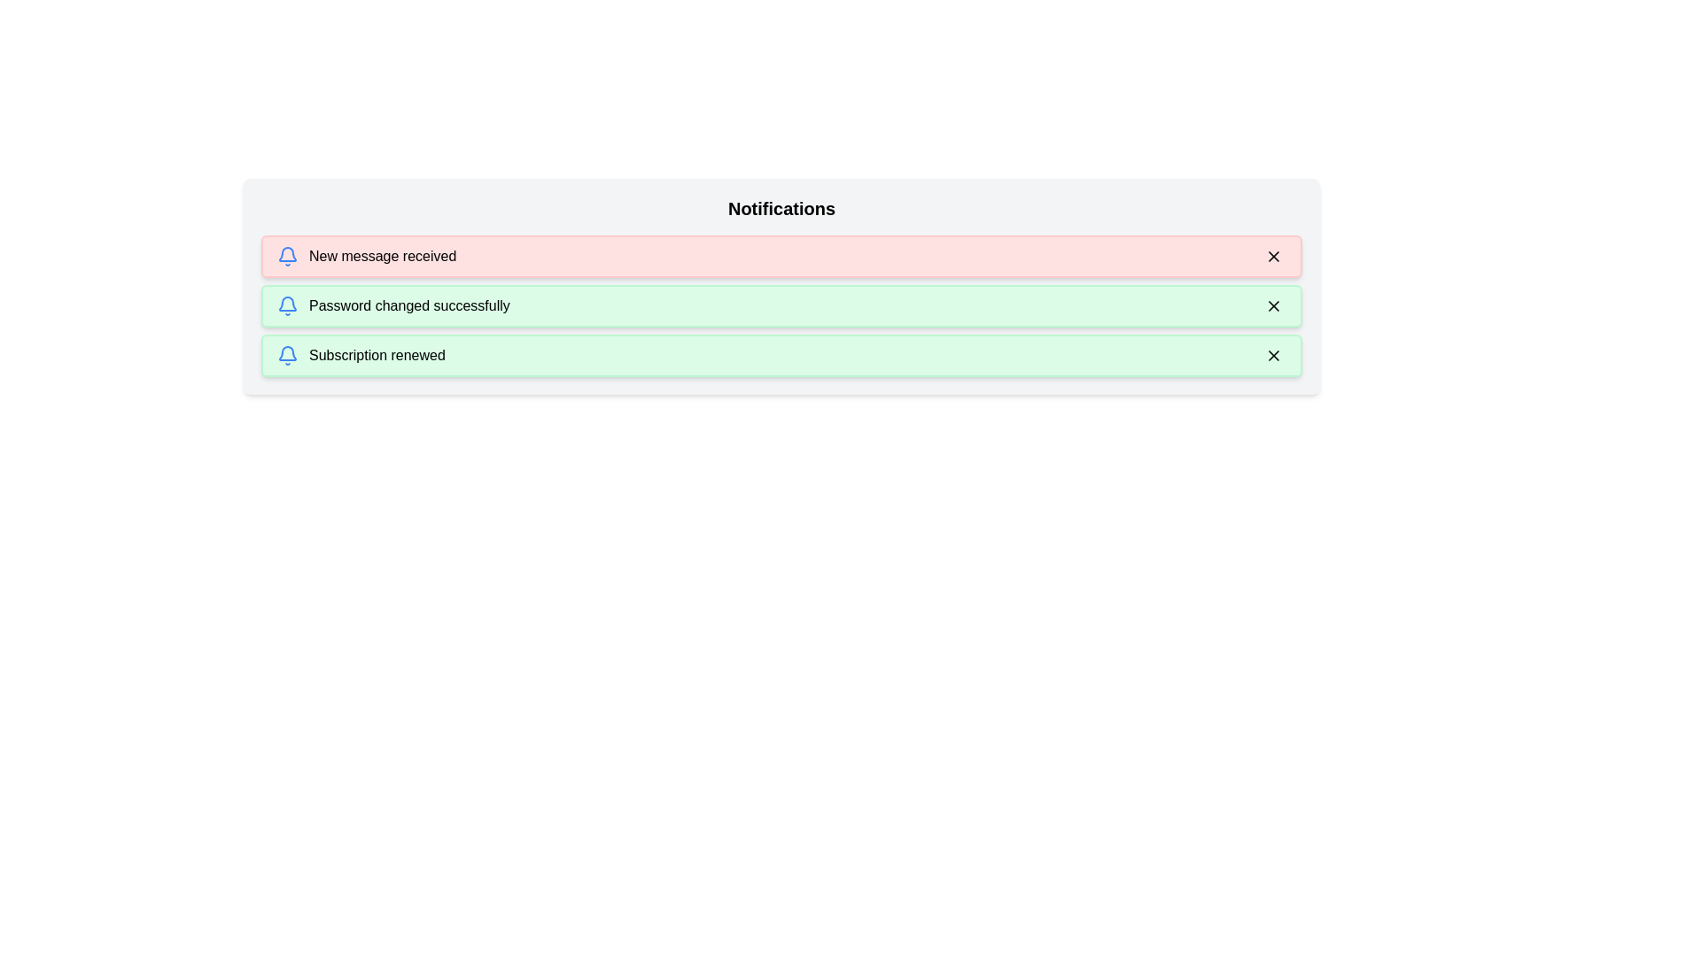  What do you see at coordinates (288, 305) in the screenshot?
I see `the notification icon located in the second row of the notification list, which represents a password update notification, for additional actions` at bounding box center [288, 305].